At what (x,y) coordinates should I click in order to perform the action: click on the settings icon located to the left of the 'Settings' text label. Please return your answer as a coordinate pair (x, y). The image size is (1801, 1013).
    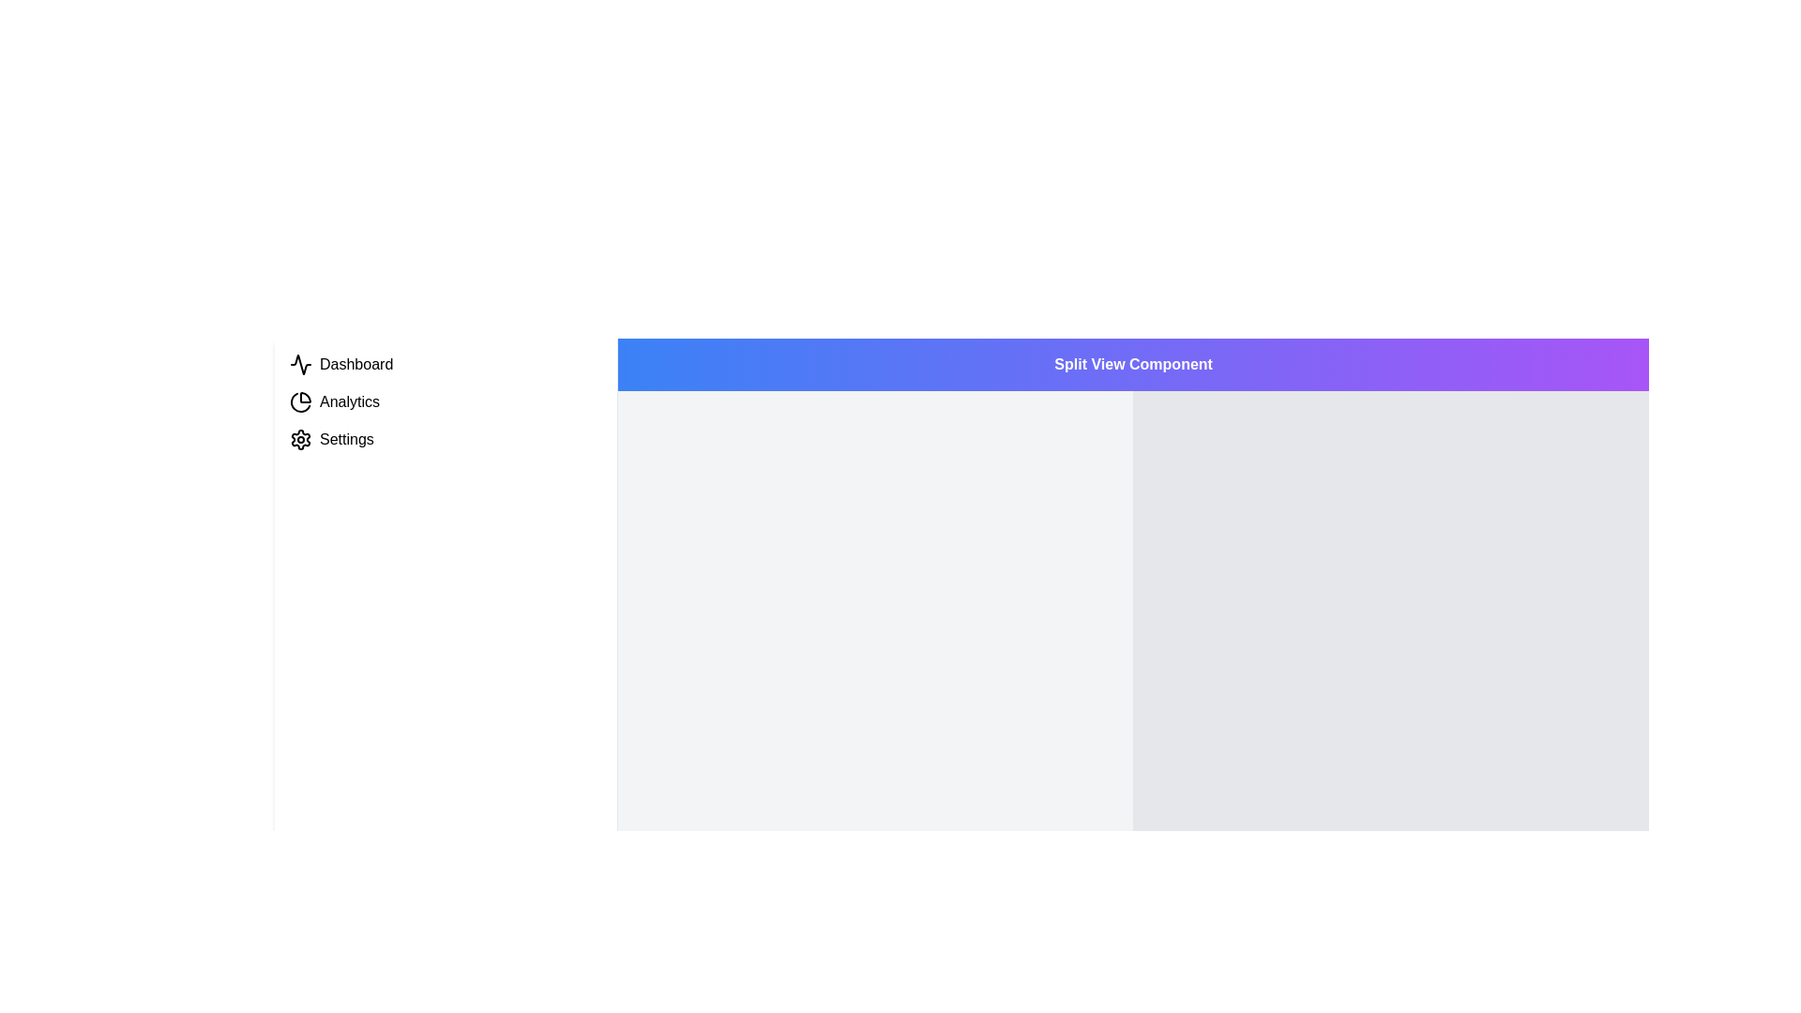
    Looking at the image, I should click on (301, 440).